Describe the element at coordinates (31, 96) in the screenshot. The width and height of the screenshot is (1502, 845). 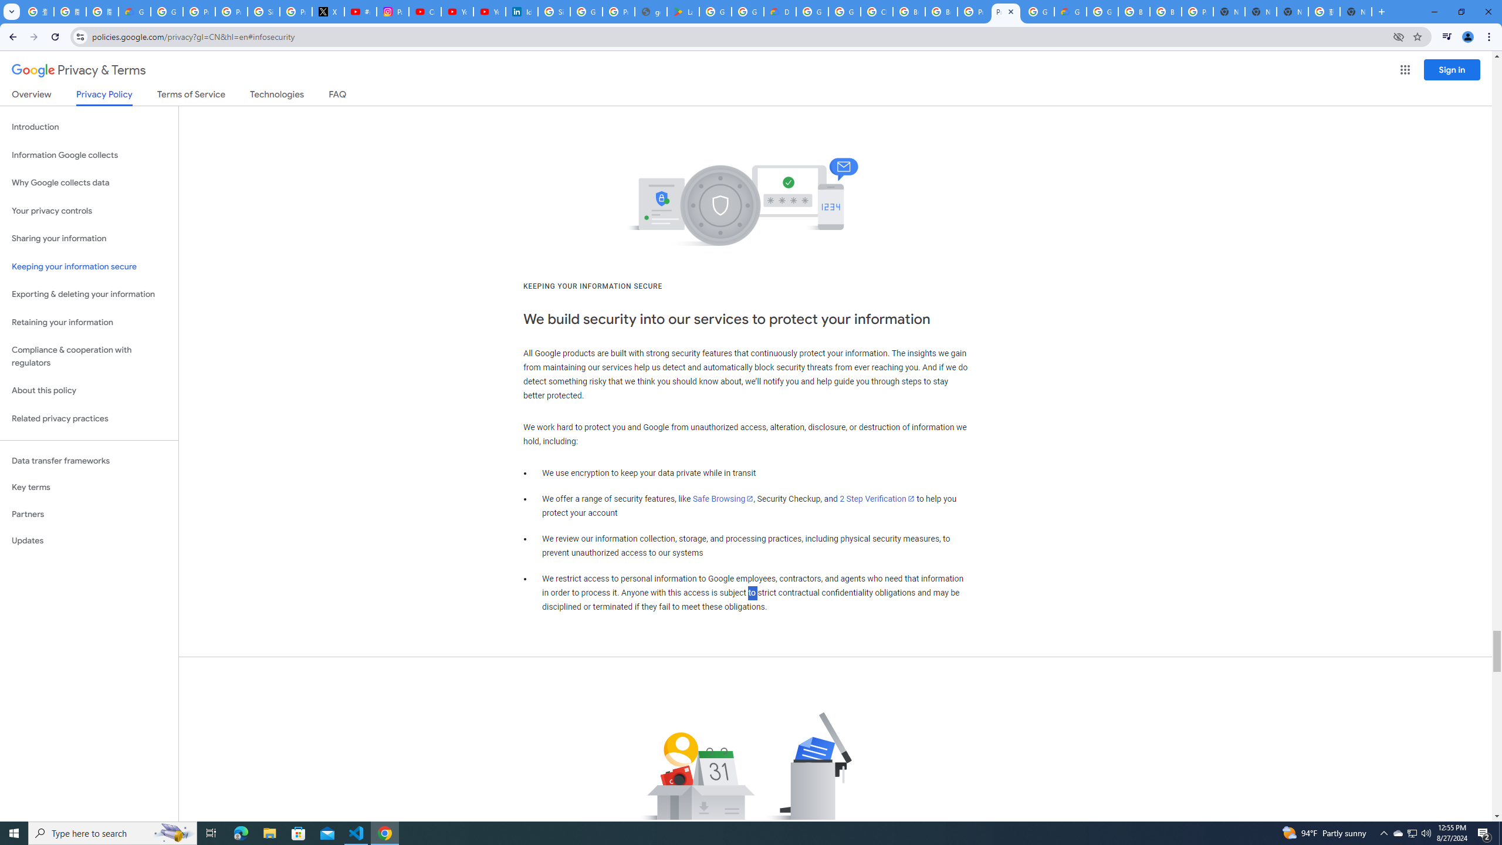
I see `'Overview'` at that location.